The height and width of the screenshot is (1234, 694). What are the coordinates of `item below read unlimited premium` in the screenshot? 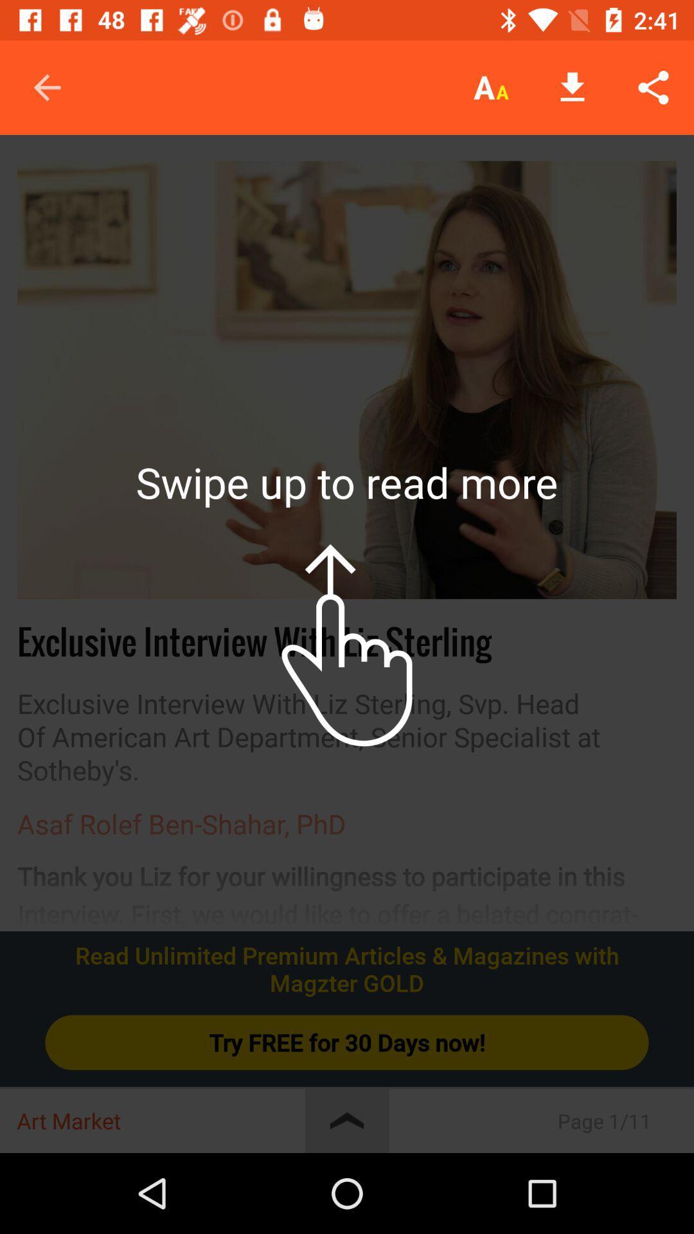 It's located at (347, 1042).